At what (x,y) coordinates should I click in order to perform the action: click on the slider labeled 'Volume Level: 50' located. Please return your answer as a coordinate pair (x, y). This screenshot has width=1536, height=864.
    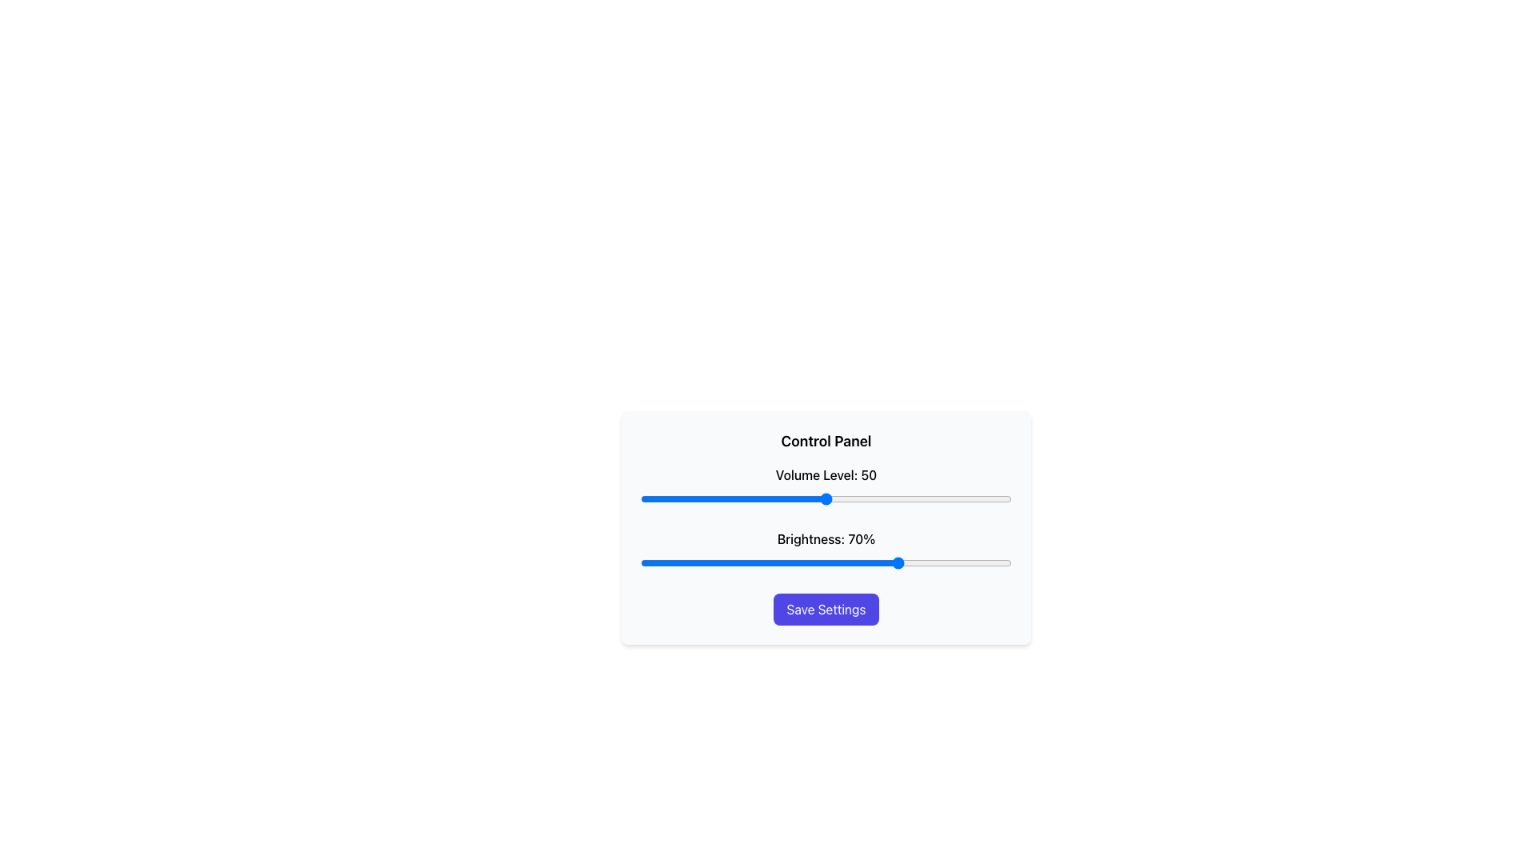
    Looking at the image, I should click on (826, 486).